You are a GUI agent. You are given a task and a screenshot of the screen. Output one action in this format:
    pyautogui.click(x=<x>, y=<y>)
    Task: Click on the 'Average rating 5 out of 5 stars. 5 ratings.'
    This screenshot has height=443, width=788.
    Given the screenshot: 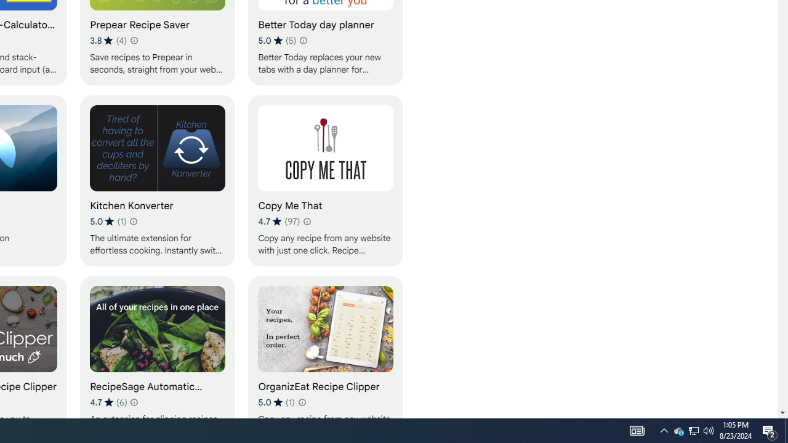 What is the action you would take?
    pyautogui.click(x=276, y=40)
    